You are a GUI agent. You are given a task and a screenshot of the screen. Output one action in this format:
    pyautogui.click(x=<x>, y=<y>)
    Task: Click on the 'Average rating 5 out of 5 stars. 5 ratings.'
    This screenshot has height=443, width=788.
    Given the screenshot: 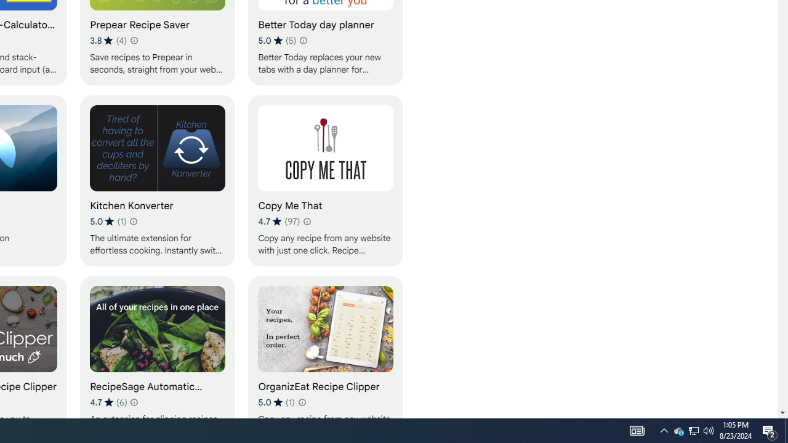 What is the action you would take?
    pyautogui.click(x=276, y=40)
    